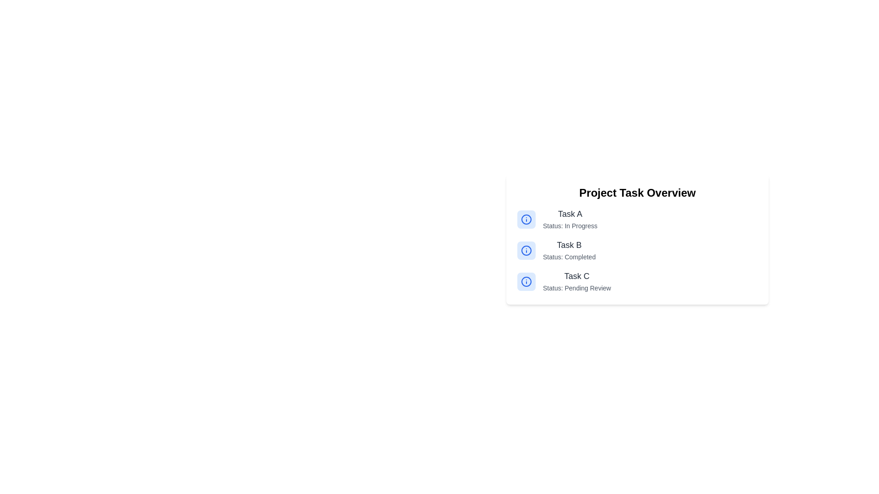  What do you see at coordinates (526, 281) in the screenshot?
I see `the circular blue information icon with a bold blue border, located to the left of the text 'Task C\nStatus: Pending Review'` at bounding box center [526, 281].